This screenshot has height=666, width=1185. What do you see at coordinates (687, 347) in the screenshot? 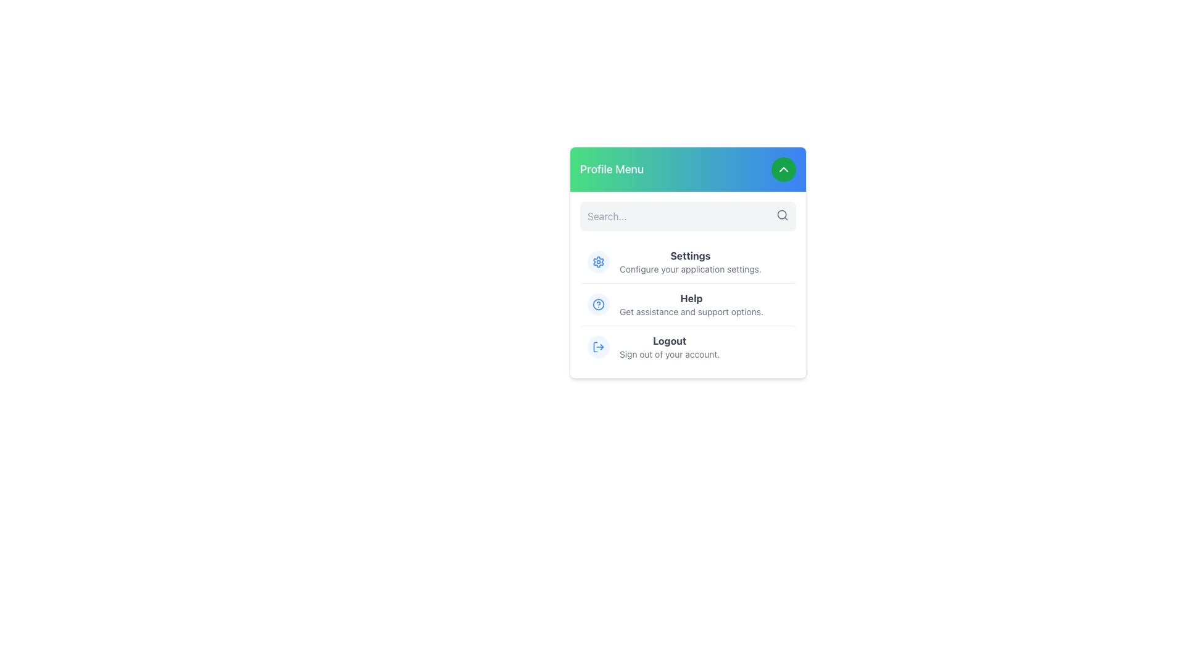
I see `the logout button at the bottom of the dropdown menu` at bounding box center [687, 347].